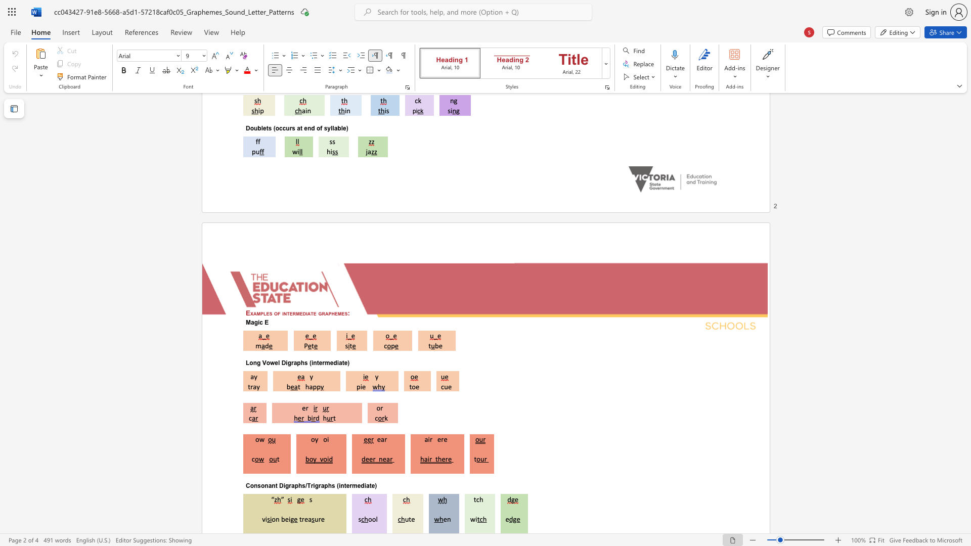  What do you see at coordinates (306, 312) in the screenshot?
I see `the subset text "ate gra" within the text "Examples of intermediate graphemes:"` at bounding box center [306, 312].